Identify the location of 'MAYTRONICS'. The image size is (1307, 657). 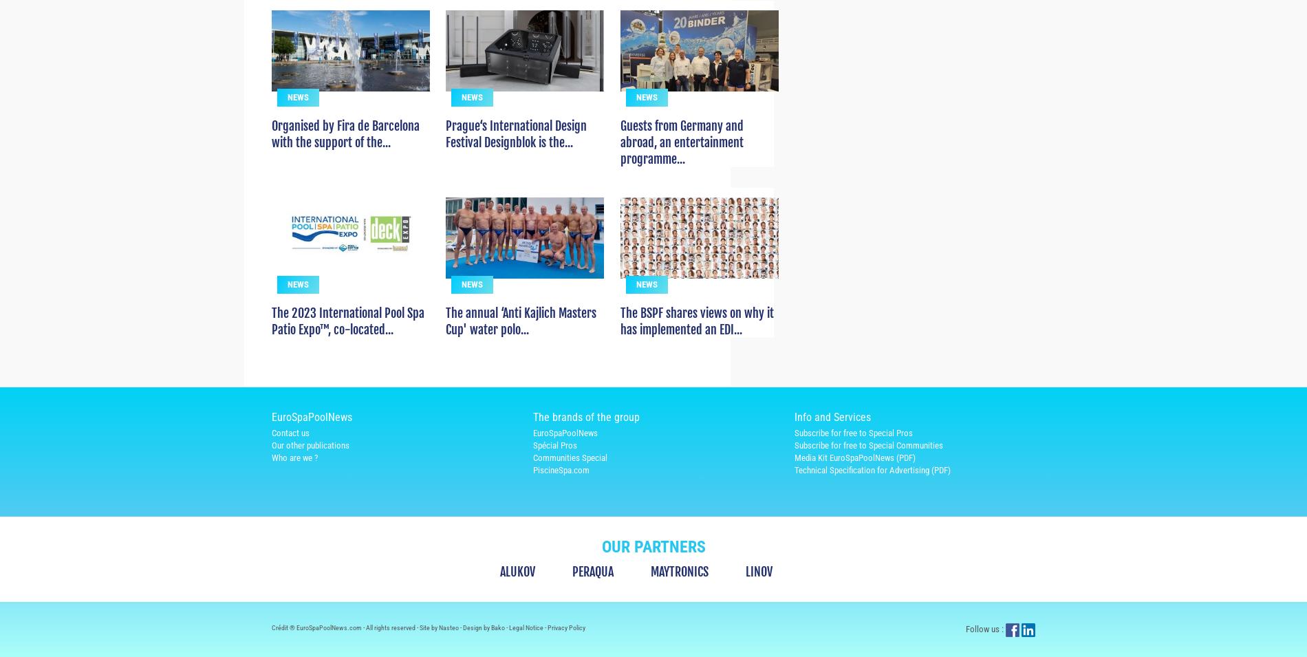
(650, 595).